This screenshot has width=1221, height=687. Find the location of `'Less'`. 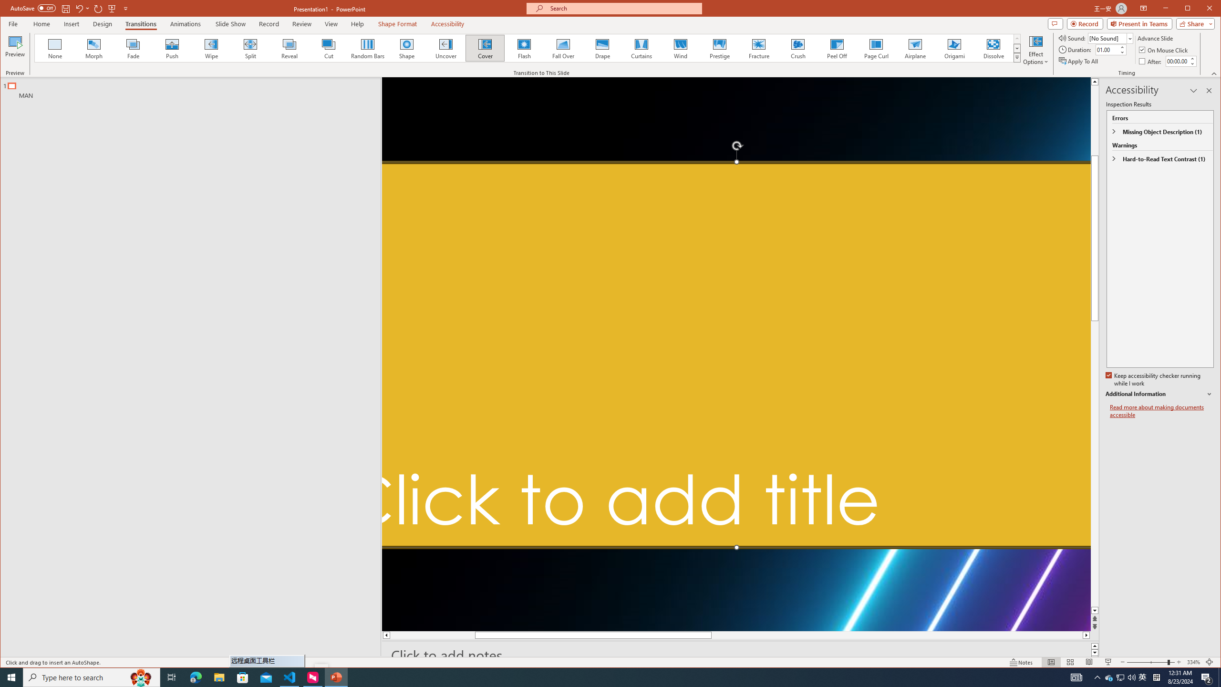

'Less' is located at coordinates (1191, 63).